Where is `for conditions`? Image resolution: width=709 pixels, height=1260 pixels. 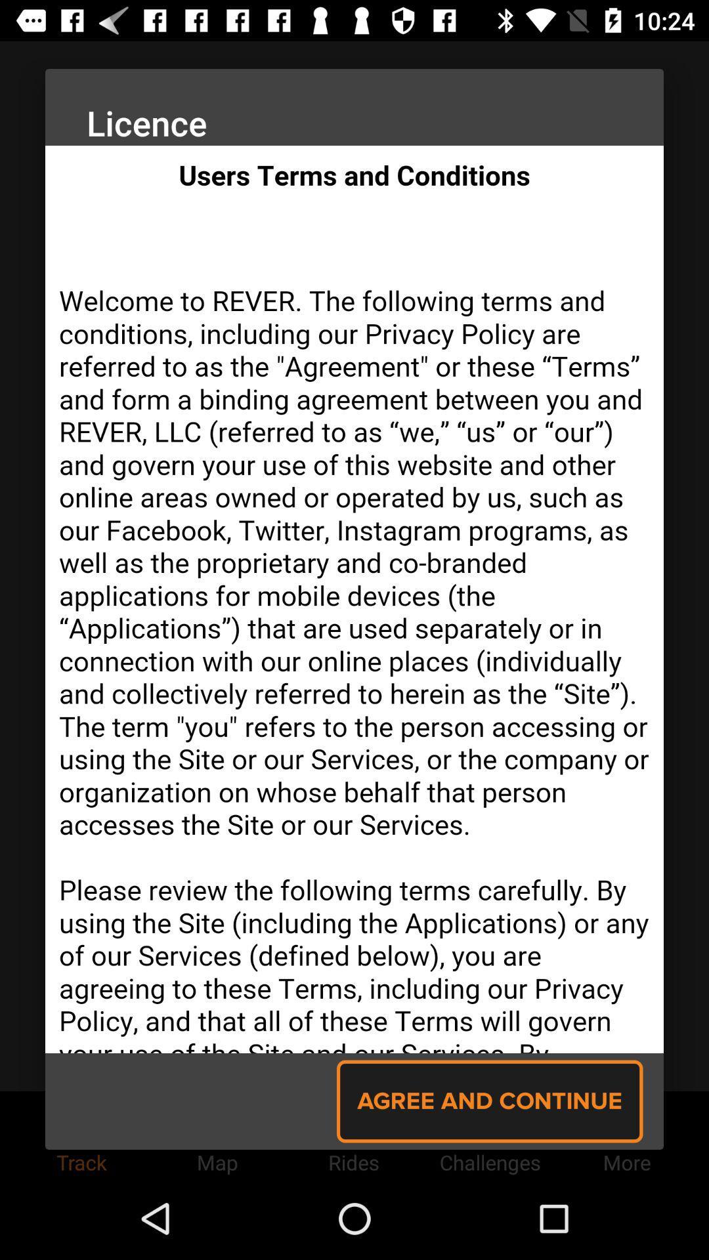
for conditions is located at coordinates (354, 598).